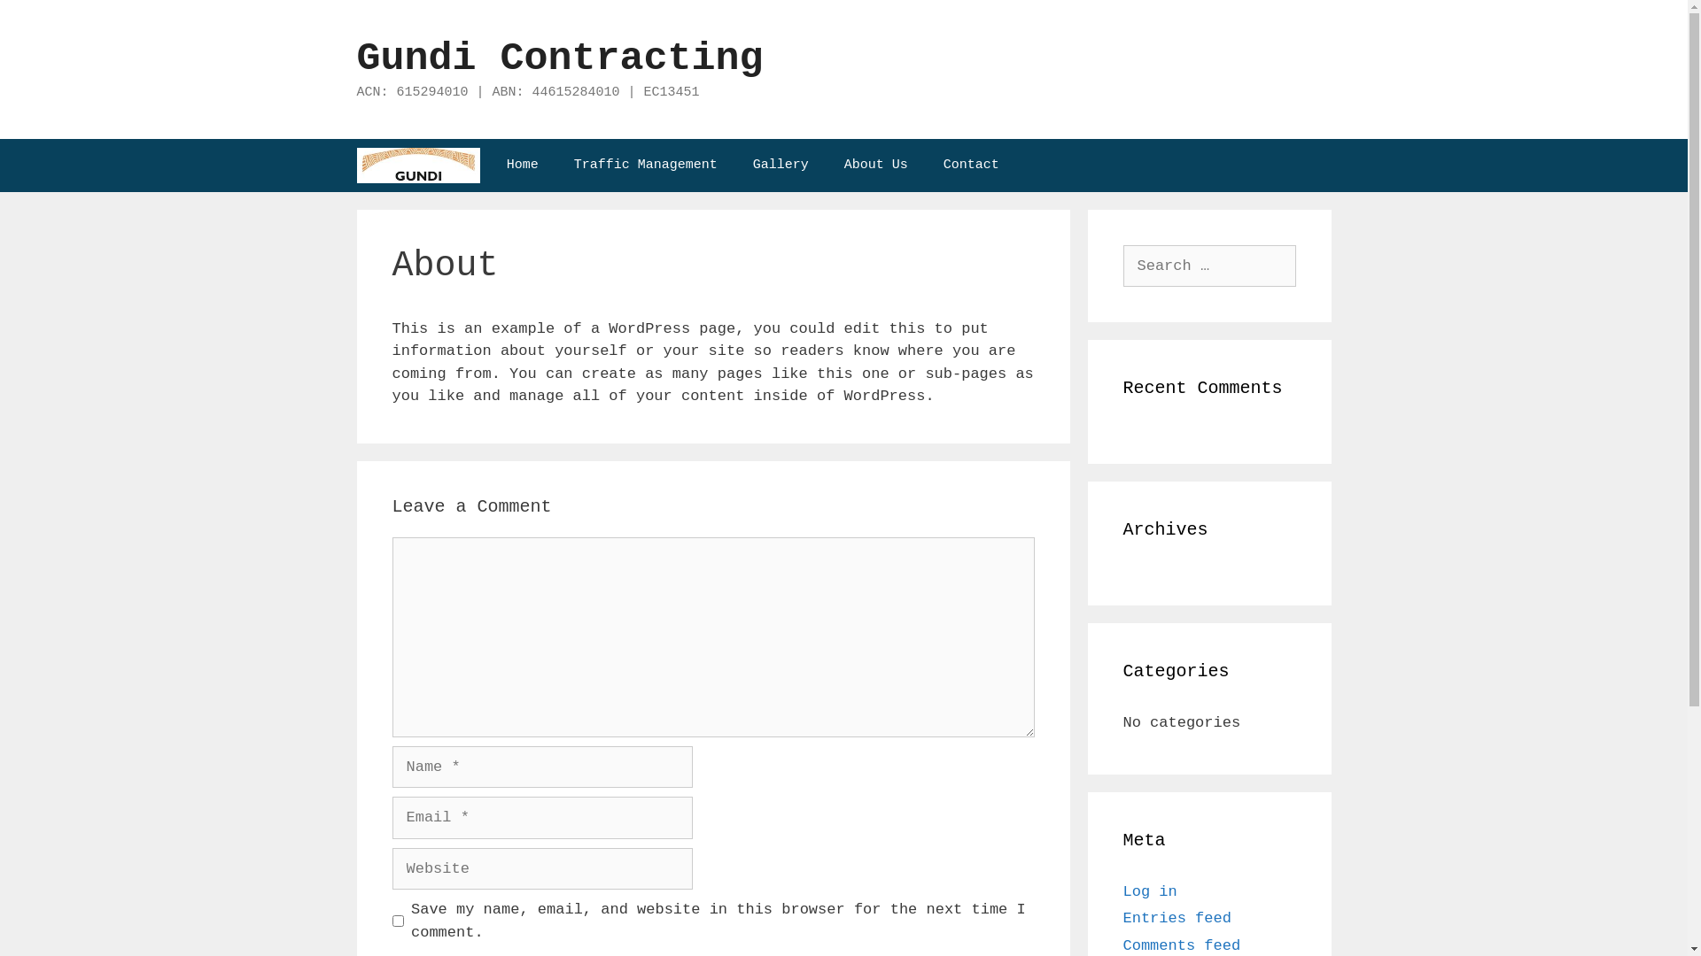 The width and height of the screenshot is (1701, 956). Describe the element at coordinates (645, 164) in the screenshot. I see `'Traffic Management'` at that location.